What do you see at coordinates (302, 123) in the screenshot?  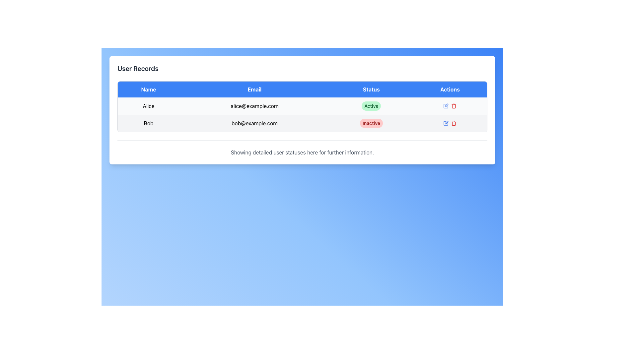 I see `the second row of the table that contains user data for 'Bob', highlighting it` at bounding box center [302, 123].